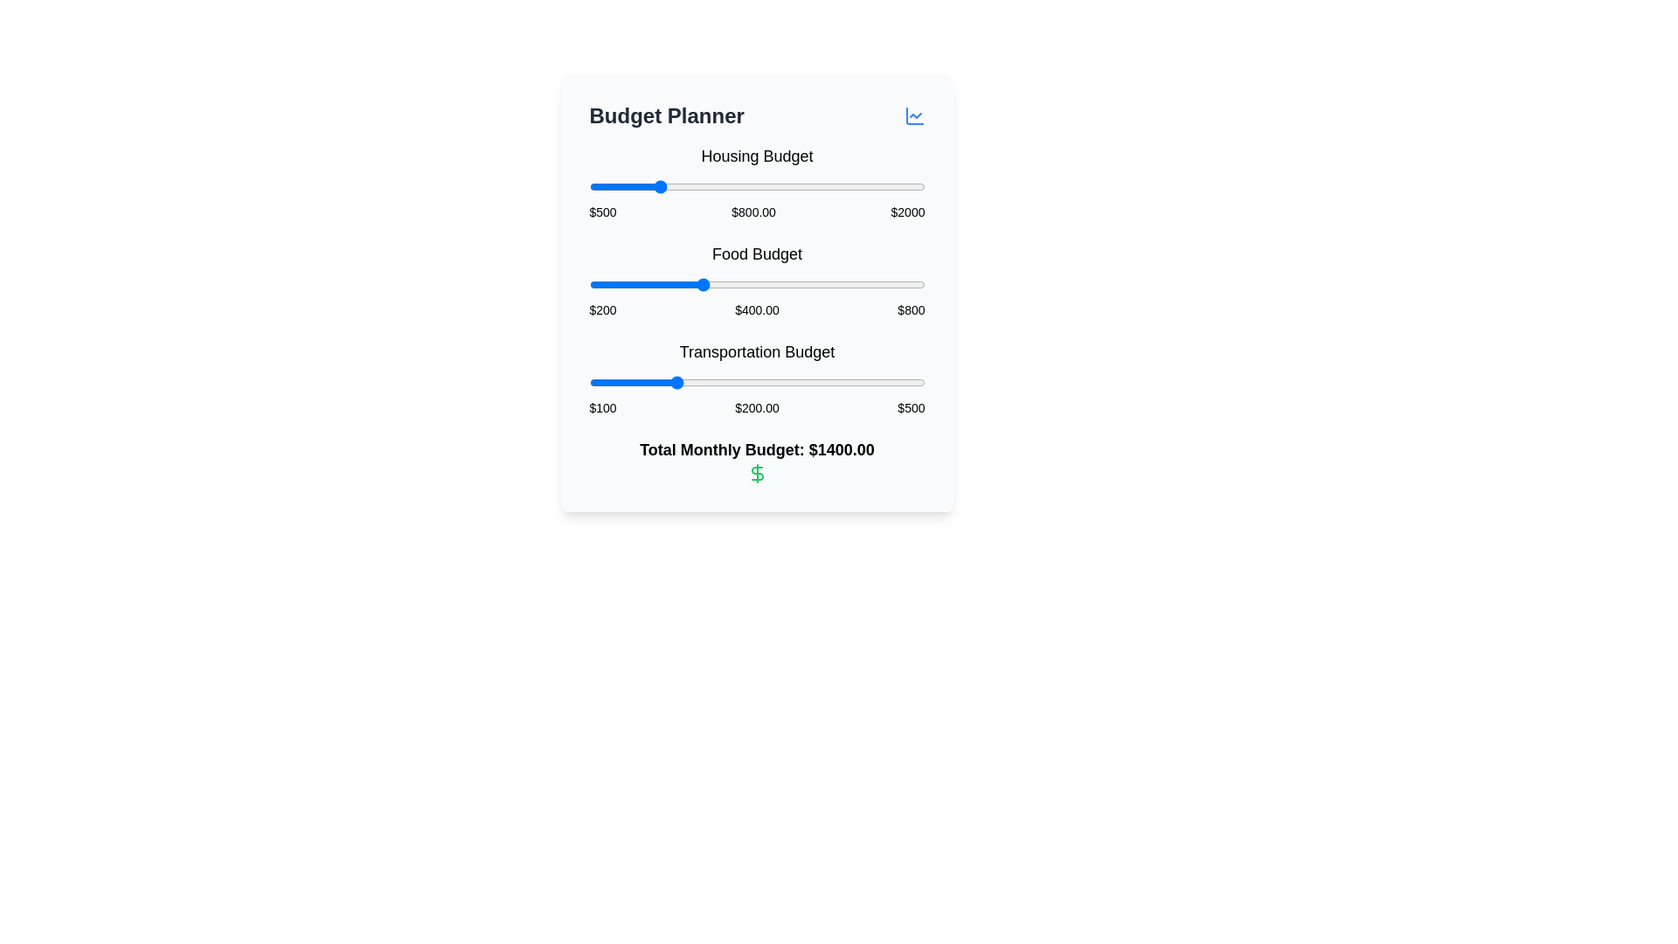 The height and width of the screenshot is (944, 1678). I want to click on the Food Budget slider, so click(733, 284).